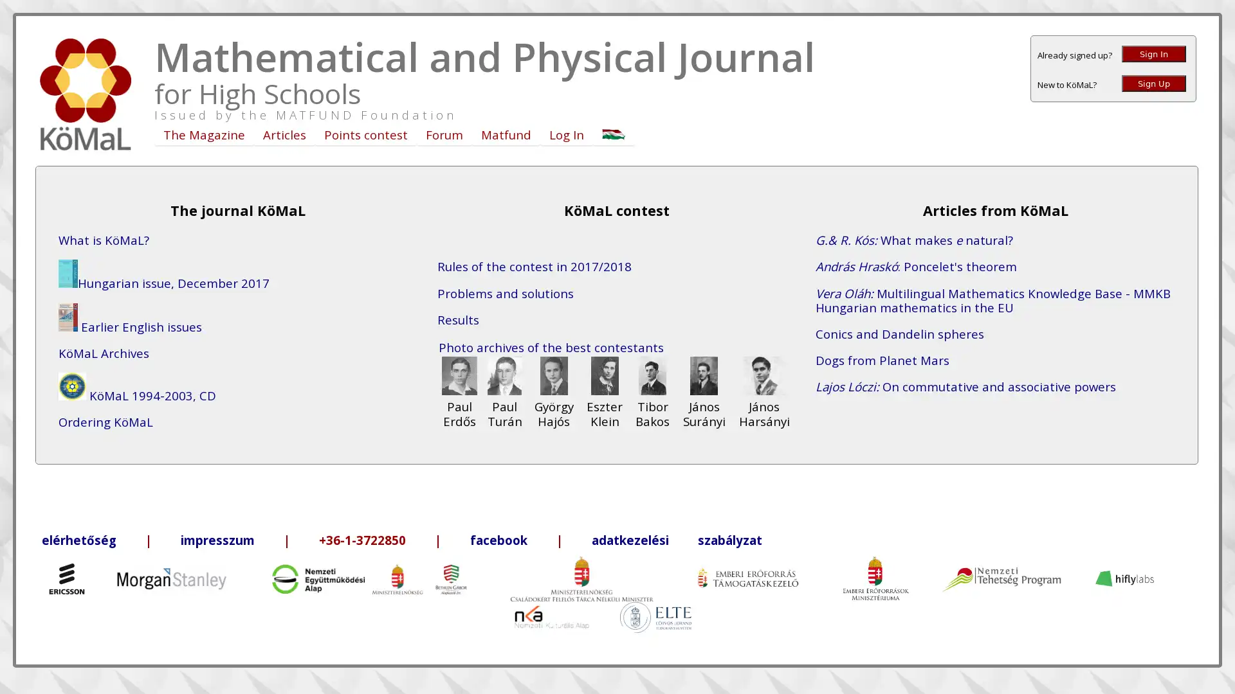 This screenshot has height=694, width=1235. Describe the element at coordinates (1154, 53) in the screenshot. I see `Sign In` at that location.